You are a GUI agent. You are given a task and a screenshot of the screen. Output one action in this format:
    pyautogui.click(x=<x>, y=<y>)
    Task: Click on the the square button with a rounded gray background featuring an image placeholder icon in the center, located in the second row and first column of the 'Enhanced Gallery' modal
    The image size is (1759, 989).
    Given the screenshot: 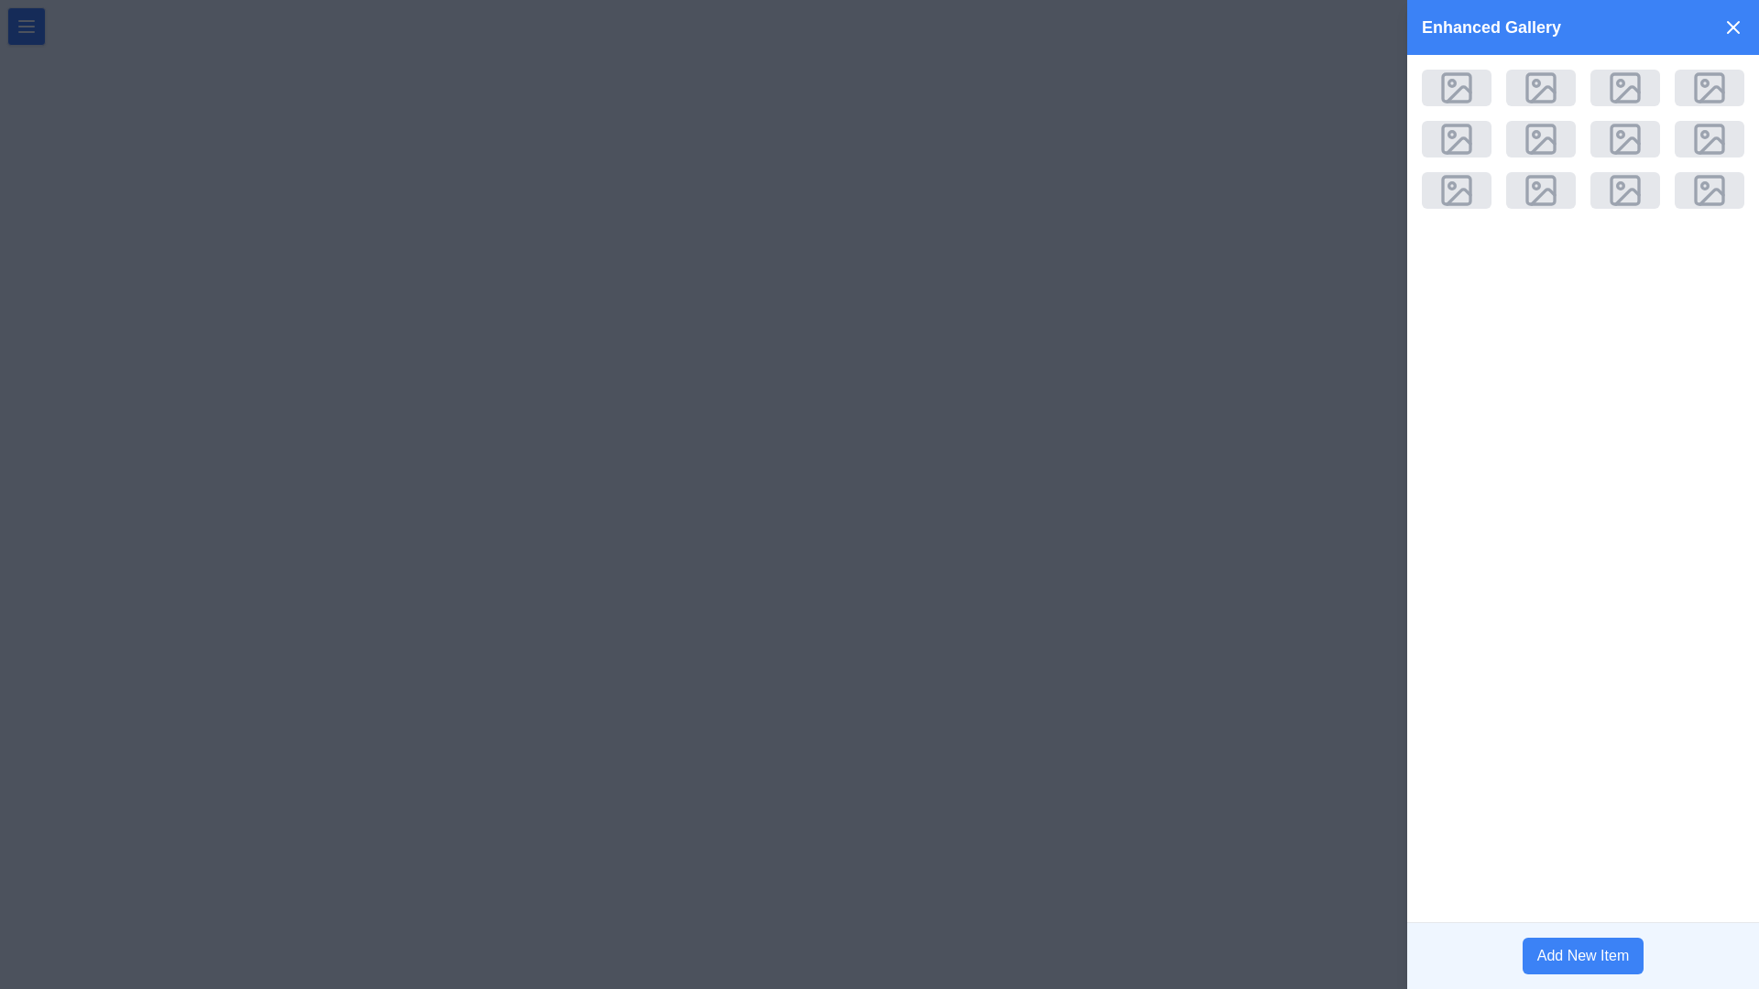 What is the action you would take?
    pyautogui.click(x=1455, y=137)
    